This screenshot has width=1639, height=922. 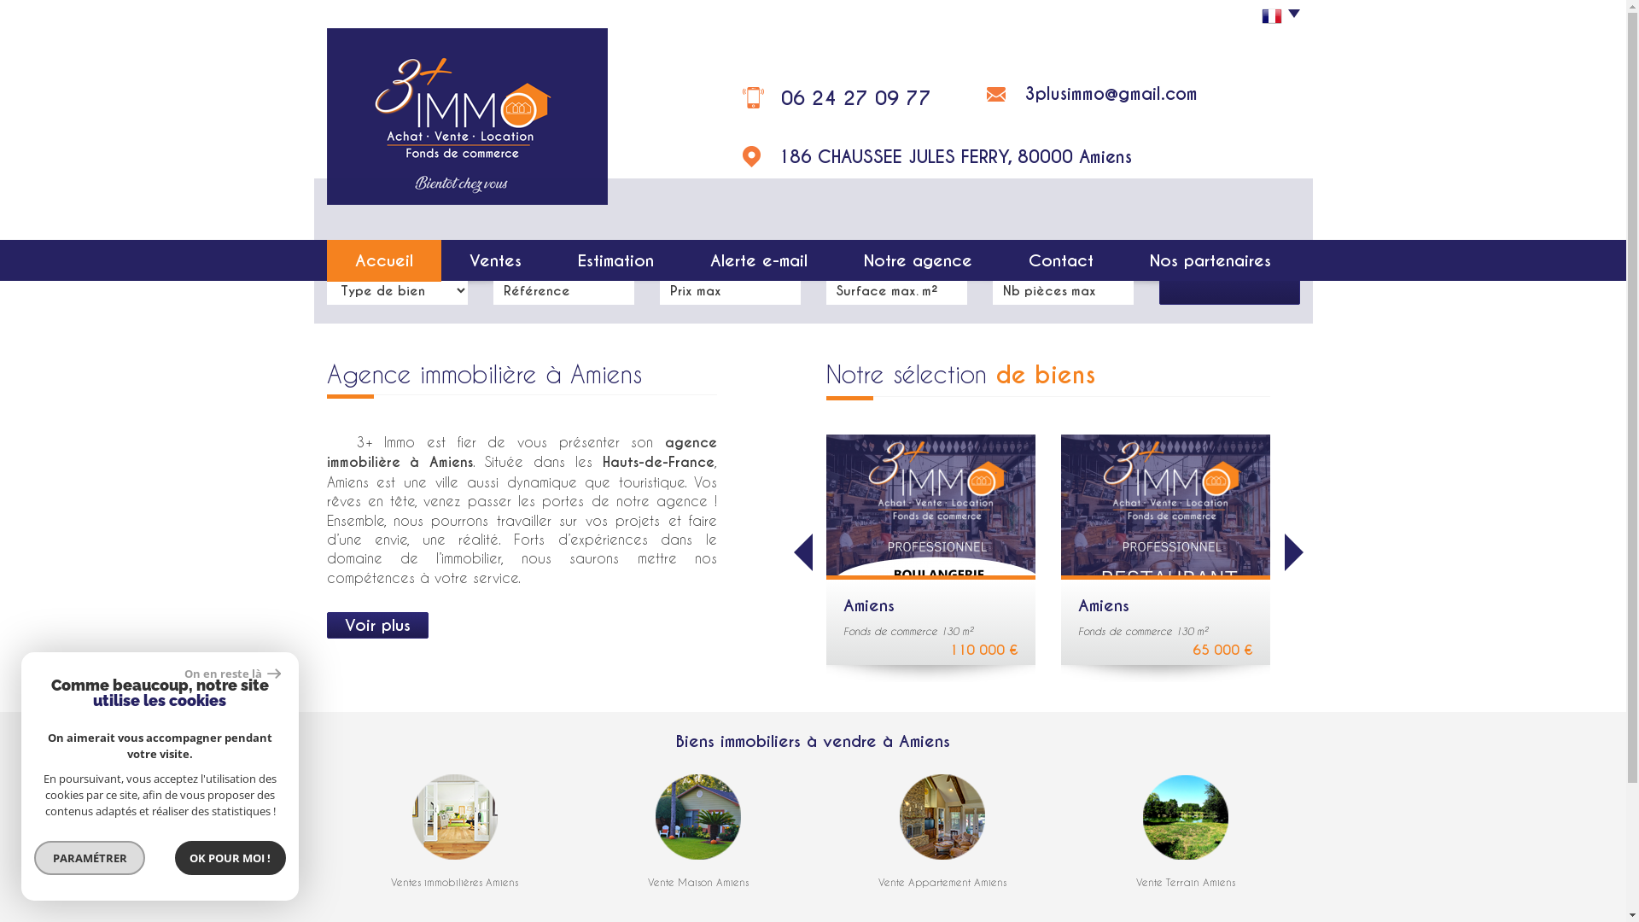 What do you see at coordinates (1060, 260) in the screenshot?
I see `'Contact'` at bounding box center [1060, 260].